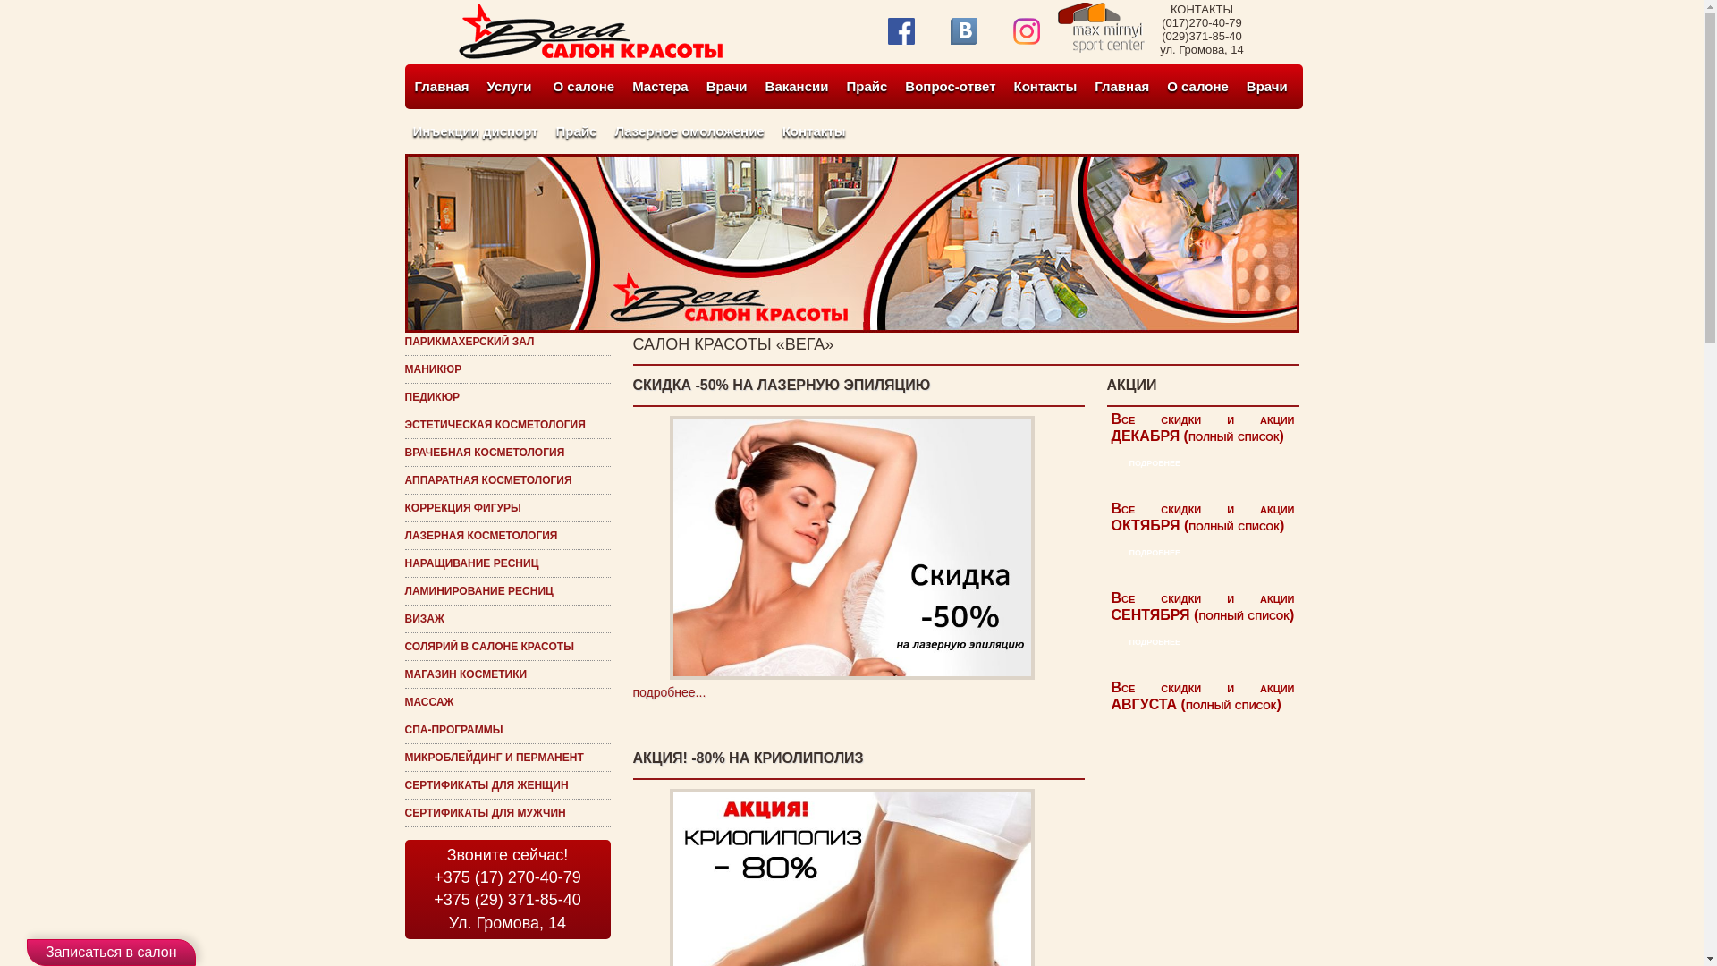  I want to click on '+375 (17) 270-40-79', so click(506, 877).